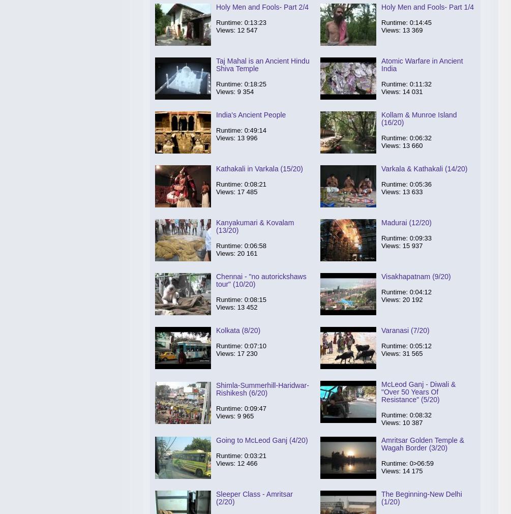 The height and width of the screenshot is (514, 511). What do you see at coordinates (254, 498) in the screenshot?
I see `'Sleeper Class - Amritsar (2/20)'` at bounding box center [254, 498].